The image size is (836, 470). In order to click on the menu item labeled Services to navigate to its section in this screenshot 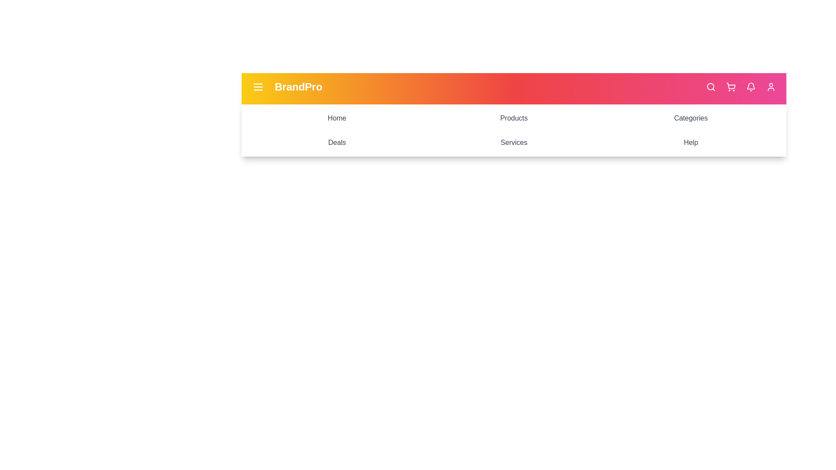, I will do `click(514, 142)`.